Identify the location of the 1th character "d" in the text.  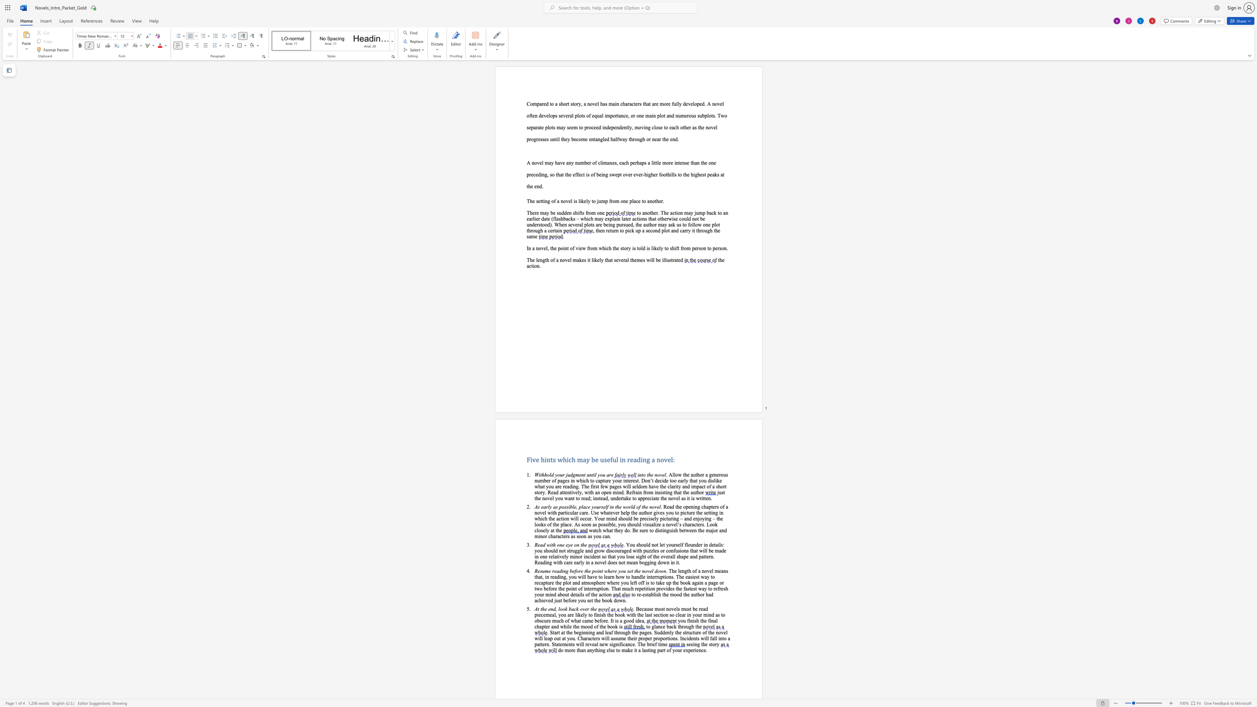
(553, 609).